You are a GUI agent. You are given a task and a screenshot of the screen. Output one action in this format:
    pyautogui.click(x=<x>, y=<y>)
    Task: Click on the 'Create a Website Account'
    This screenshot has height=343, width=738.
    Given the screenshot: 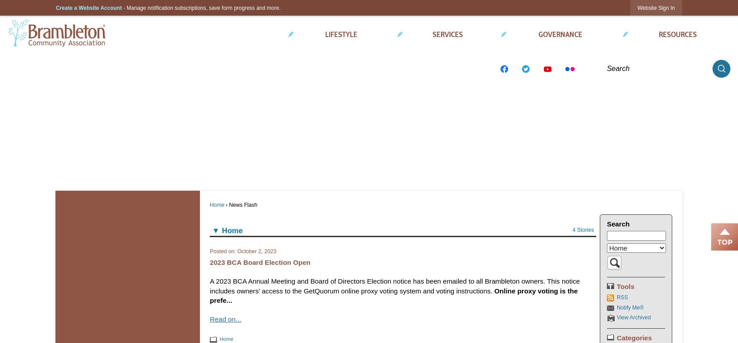 What is the action you would take?
    pyautogui.click(x=56, y=7)
    